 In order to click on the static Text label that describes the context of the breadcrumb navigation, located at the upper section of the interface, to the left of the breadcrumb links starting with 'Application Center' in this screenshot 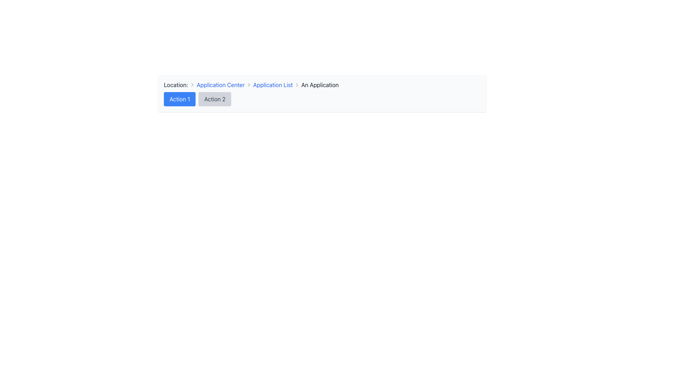, I will do `click(176, 85)`.